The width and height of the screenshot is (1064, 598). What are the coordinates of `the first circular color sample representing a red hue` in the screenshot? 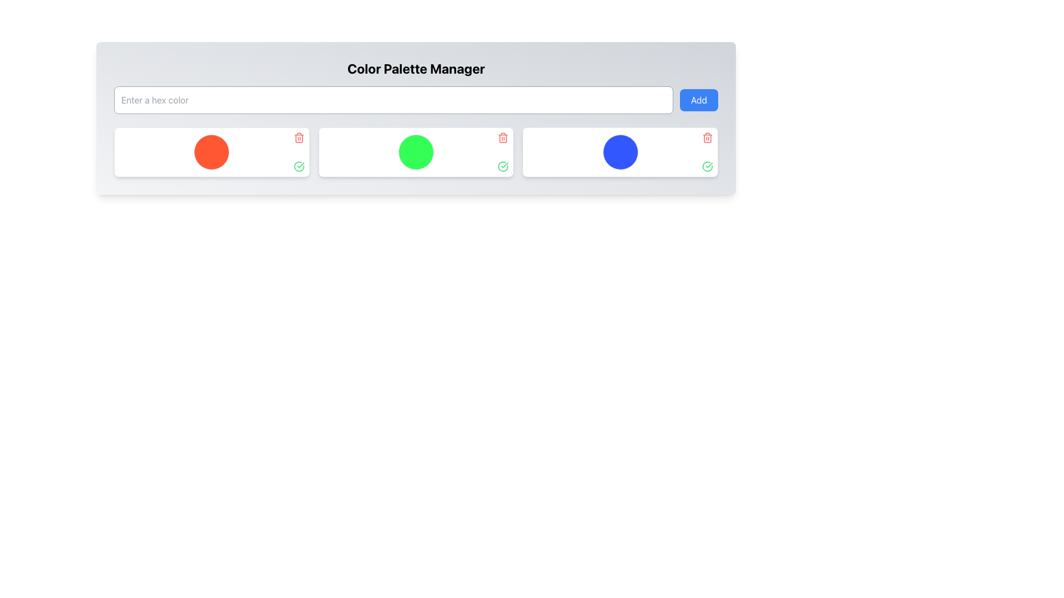 It's located at (212, 152).